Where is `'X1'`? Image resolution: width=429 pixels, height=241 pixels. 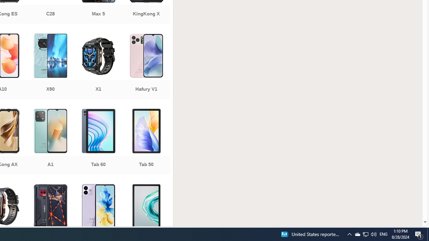
'X1' is located at coordinates (98, 67).